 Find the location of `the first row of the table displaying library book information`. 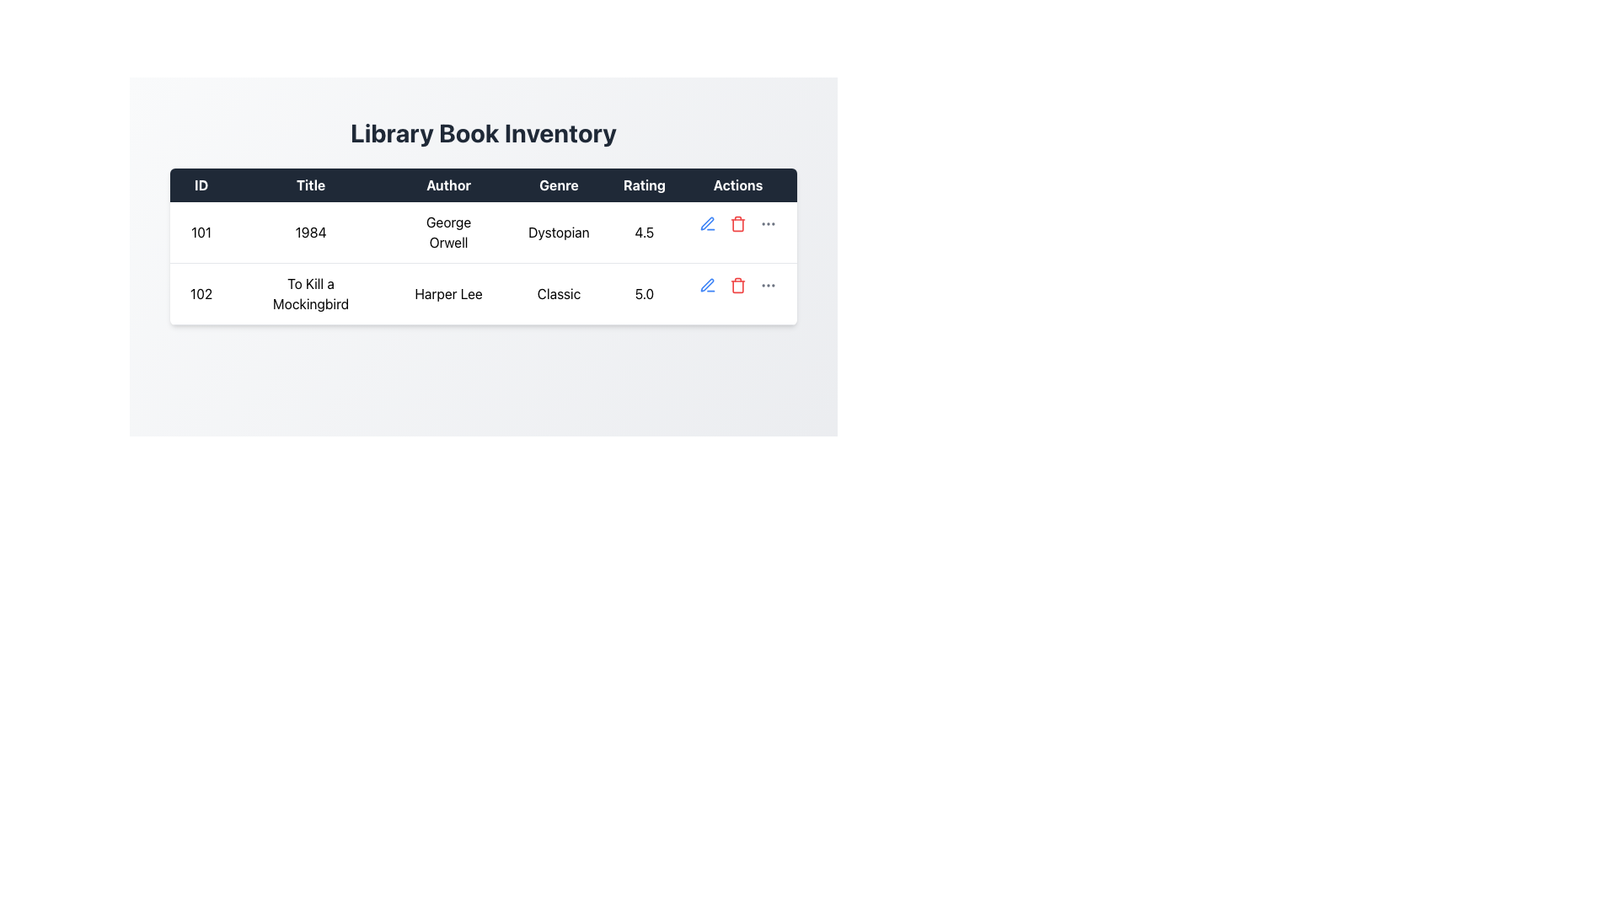

the first row of the table displaying library book information is located at coordinates (483, 263).